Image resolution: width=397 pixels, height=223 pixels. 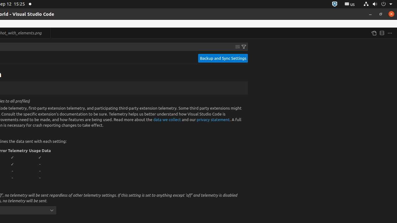 What do you see at coordinates (373, 33) in the screenshot?
I see `'Open Settings (JSON)'` at bounding box center [373, 33].